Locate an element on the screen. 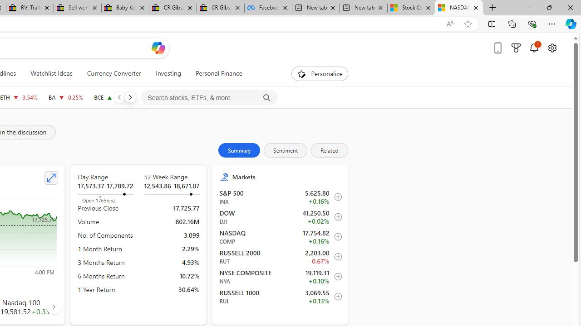  'Open Copilot' is located at coordinates (158, 48).